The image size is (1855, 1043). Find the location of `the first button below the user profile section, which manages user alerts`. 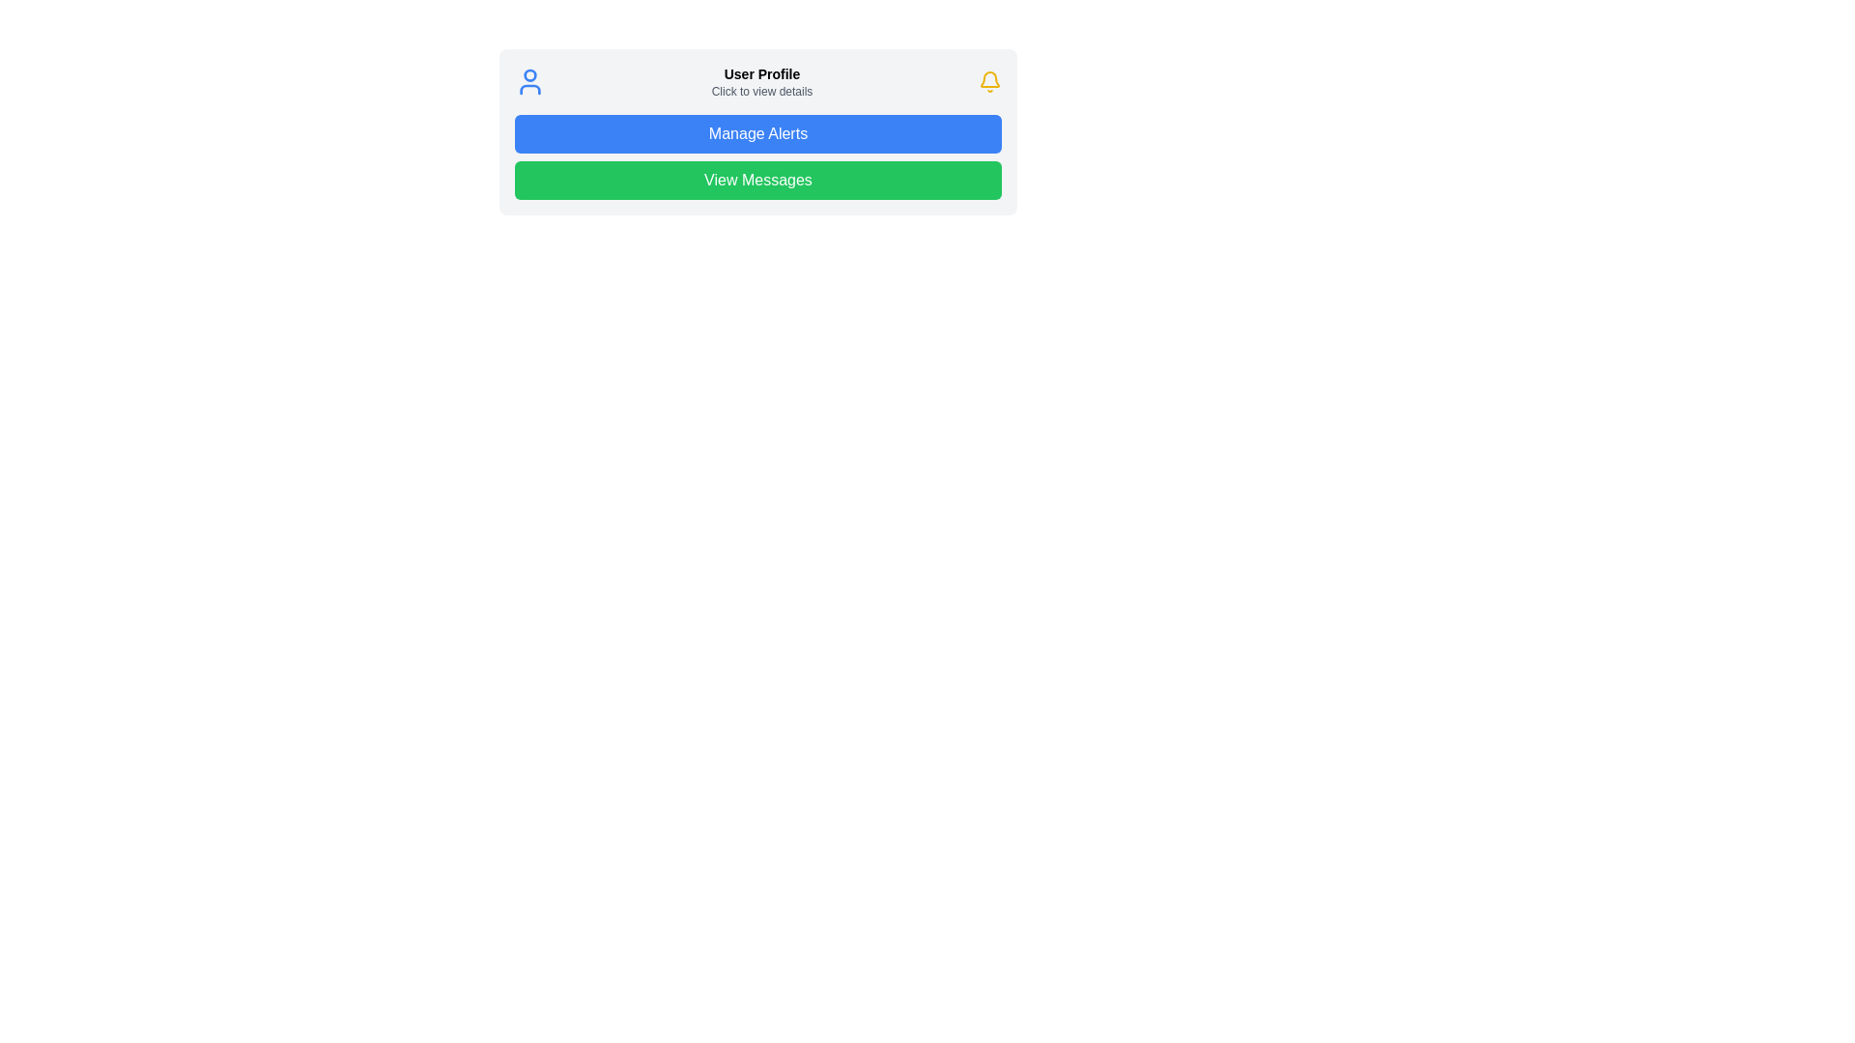

the first button below the user profile section, which manages user alerts is located at coordinates (757, 132).